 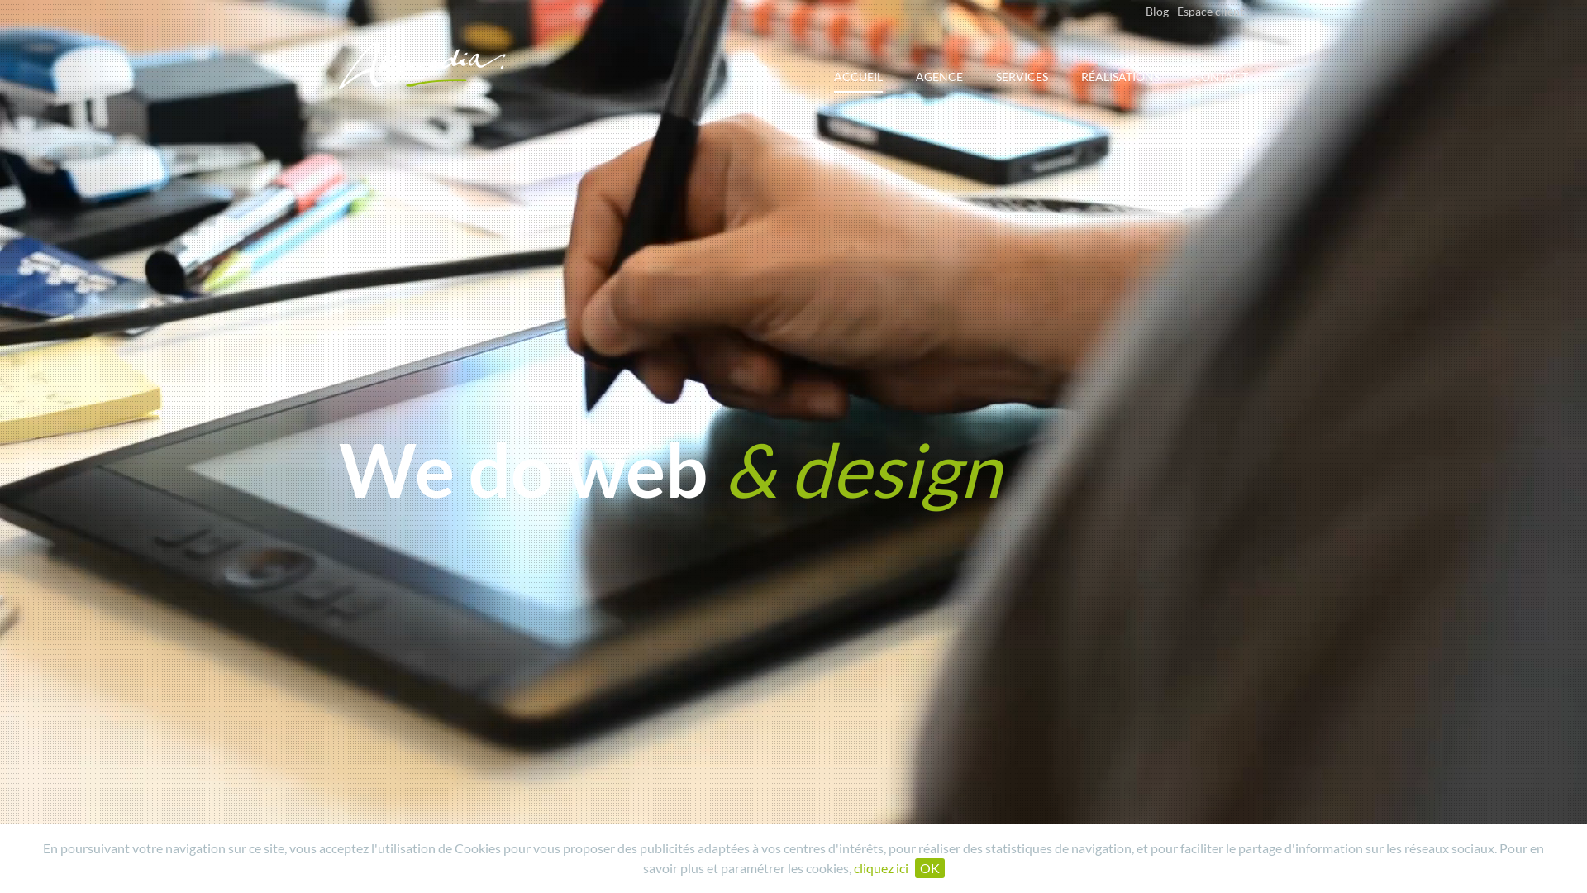 I want to click on 'OK', so click(x=928, y=867).